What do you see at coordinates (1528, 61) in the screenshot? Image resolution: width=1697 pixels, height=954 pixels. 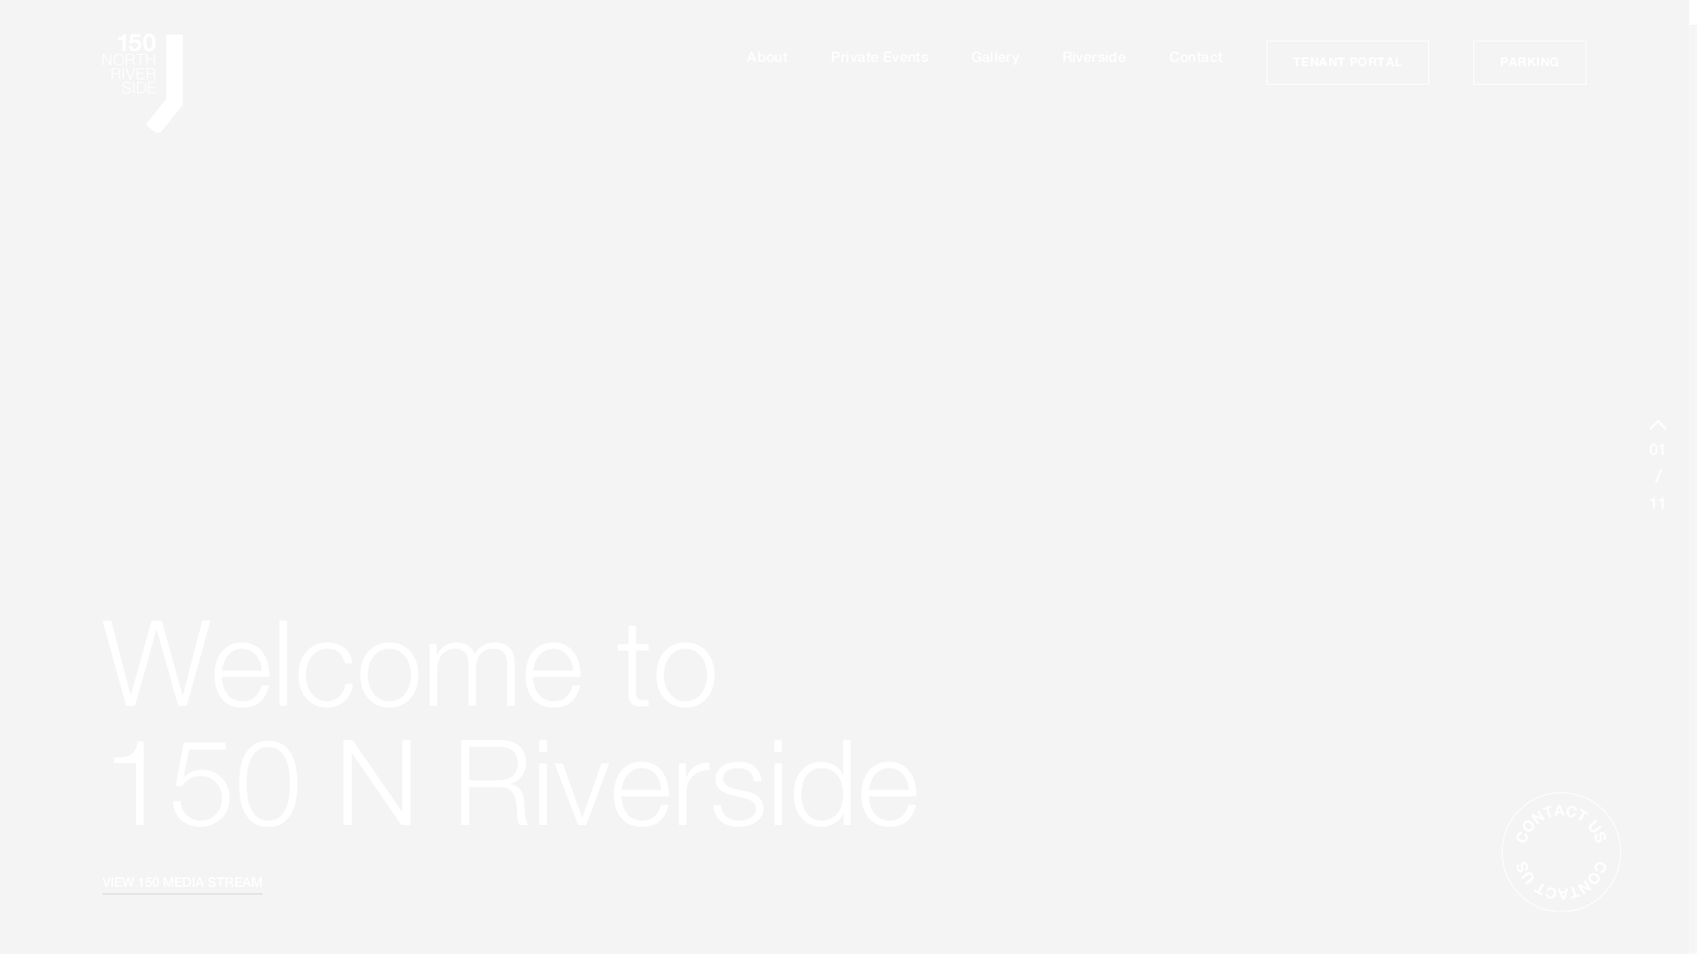 I see `'PARKING'` at bounding box center [1528, 61].